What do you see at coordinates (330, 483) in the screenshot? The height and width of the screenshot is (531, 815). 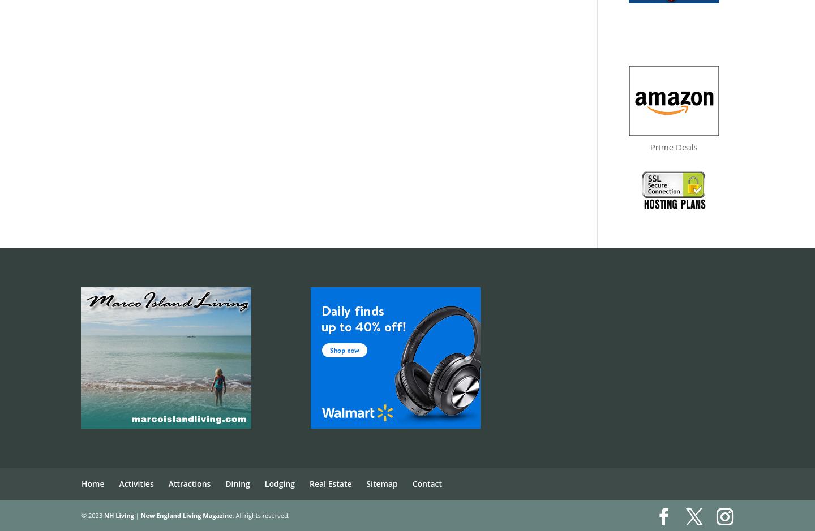 I see `'Real Estate'` at bounding box center [330, 483].